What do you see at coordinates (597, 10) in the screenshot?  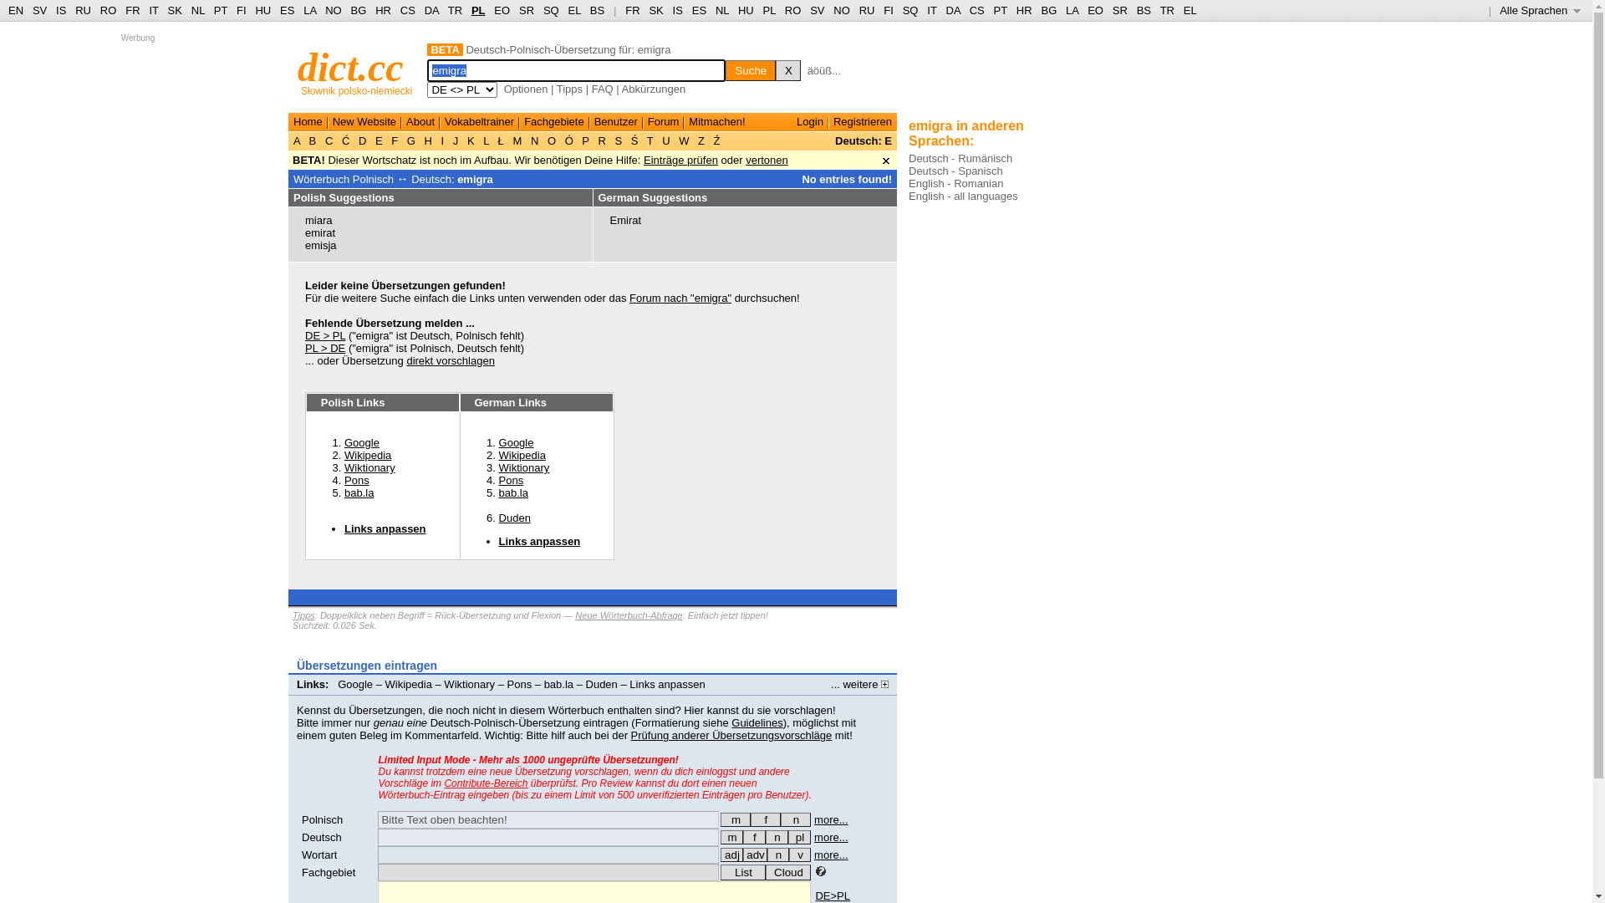 I see `'BS'` at bounding box center [597, 10].